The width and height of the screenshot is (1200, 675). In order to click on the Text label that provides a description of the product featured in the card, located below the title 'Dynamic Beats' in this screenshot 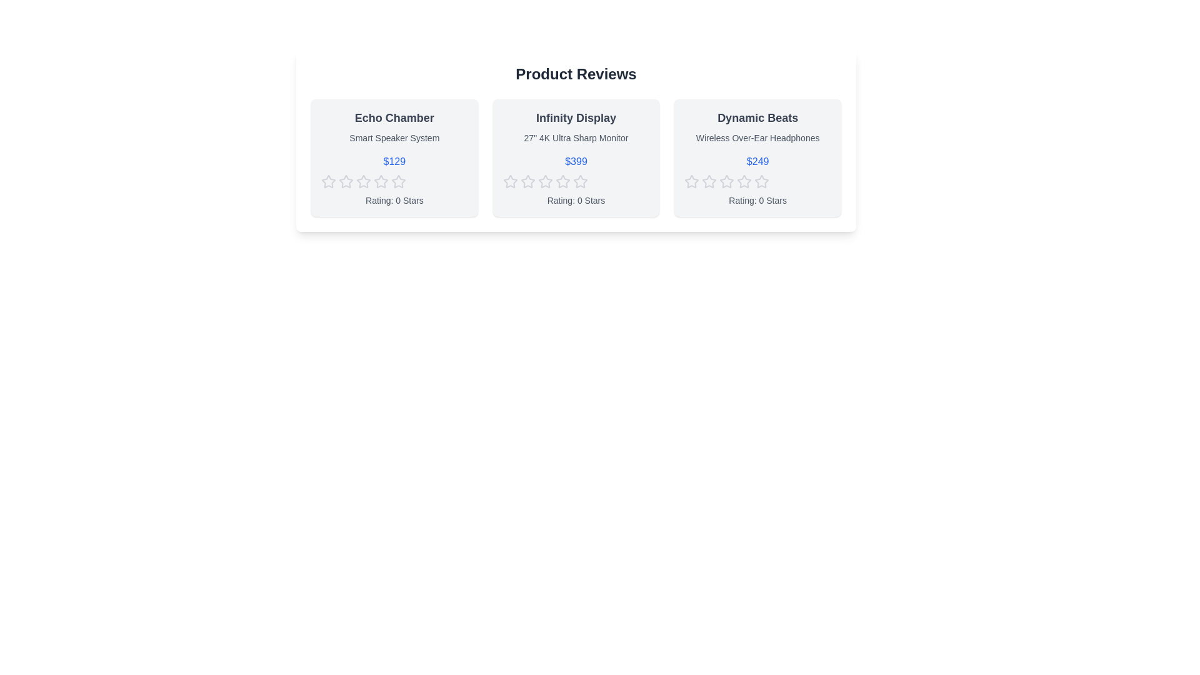, I will do `click(757, 137)`.